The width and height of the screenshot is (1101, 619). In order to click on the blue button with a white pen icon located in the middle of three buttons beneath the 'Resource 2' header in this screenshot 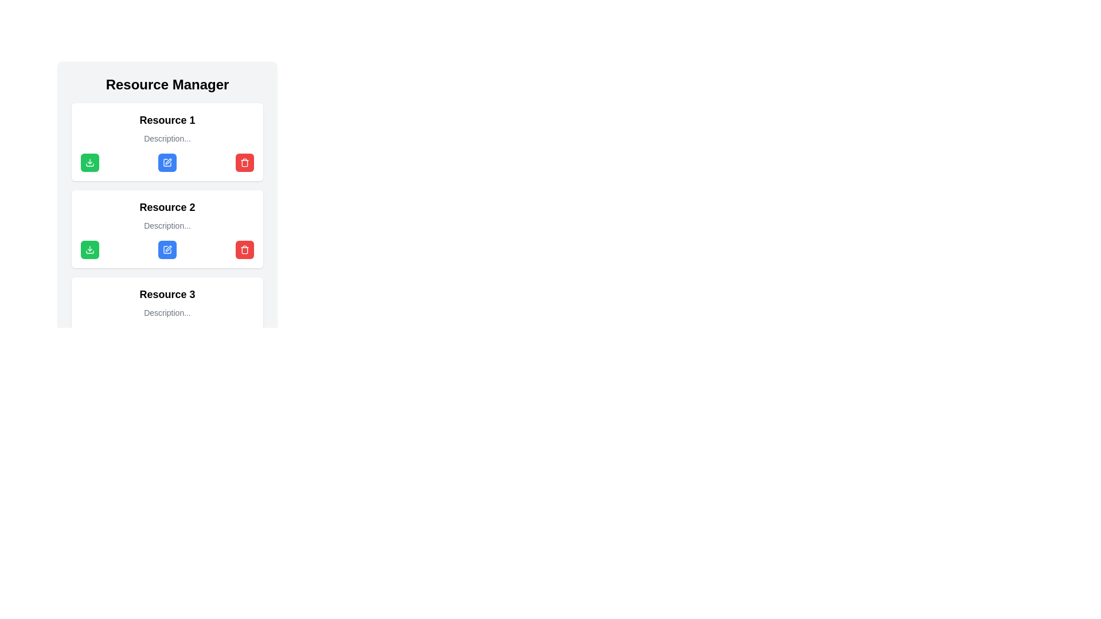, I will do `click(167, 249)`.